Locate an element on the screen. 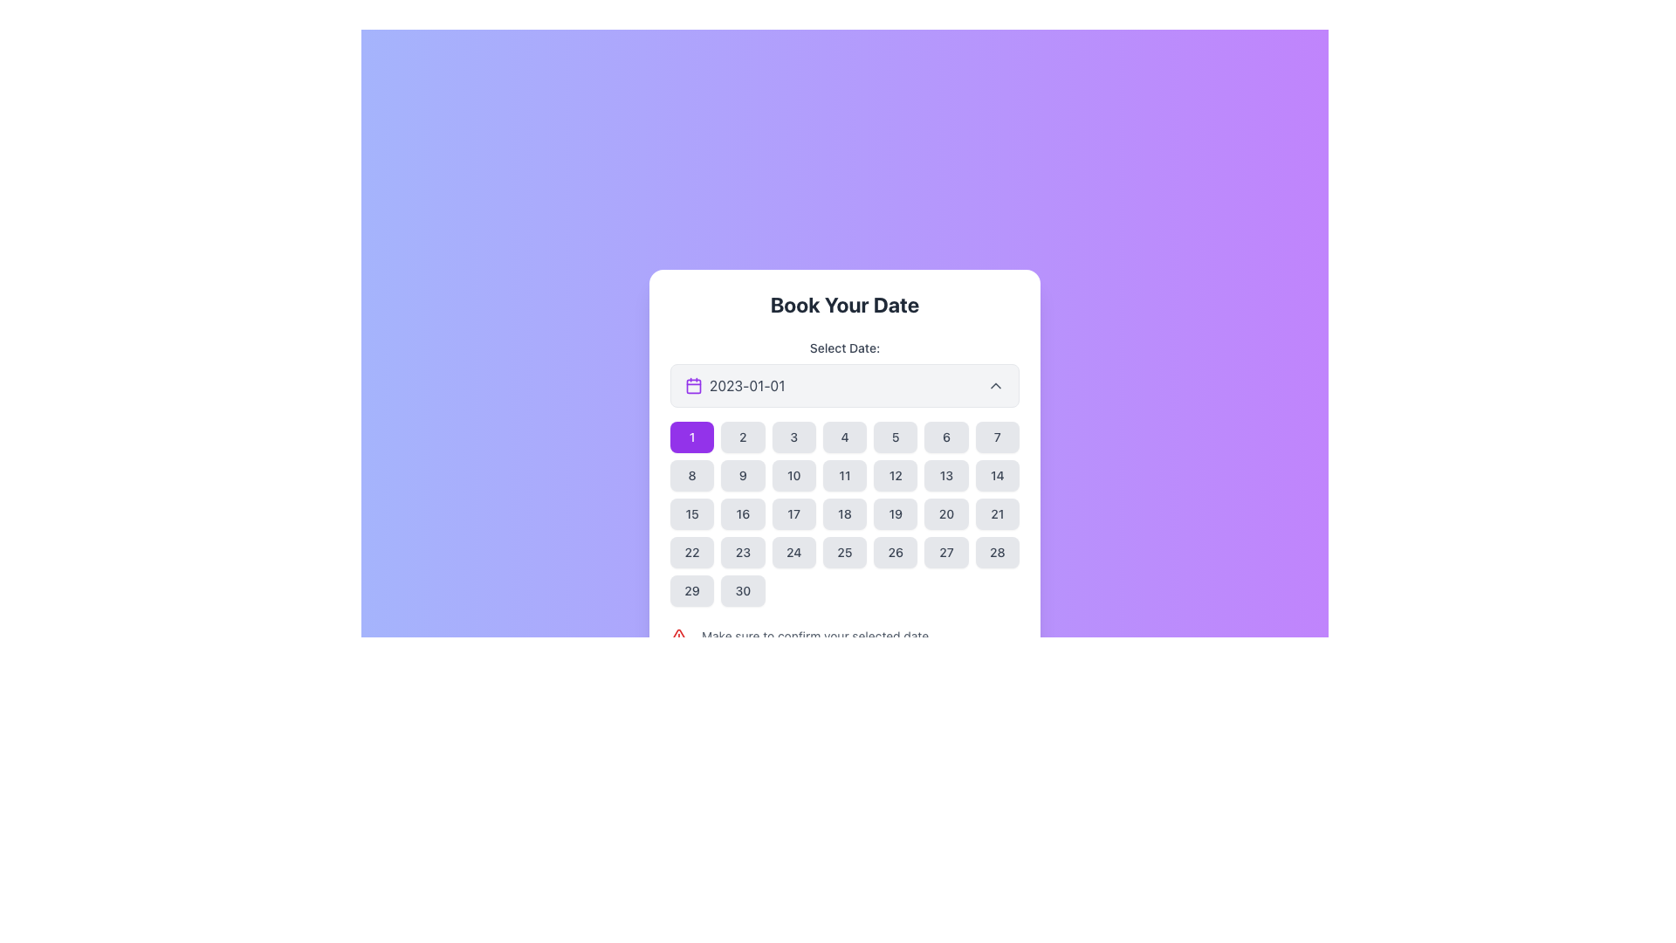 This screenshot has height=943, width=1676. the button labeled '6' which is styled as a rounded rectangle with a gray background and is the 6th item in the first row of a grid in a calendar layout is located at coordinates (945, 437).